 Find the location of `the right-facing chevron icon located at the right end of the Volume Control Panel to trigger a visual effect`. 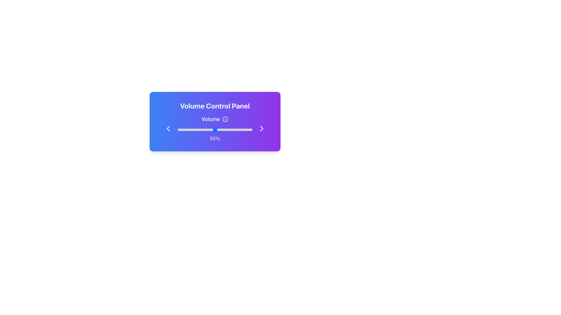

the right-facing chevron icon located at the right end of the Volume Control Panel to trigger a visual effect is located at coordinates (261, 128).